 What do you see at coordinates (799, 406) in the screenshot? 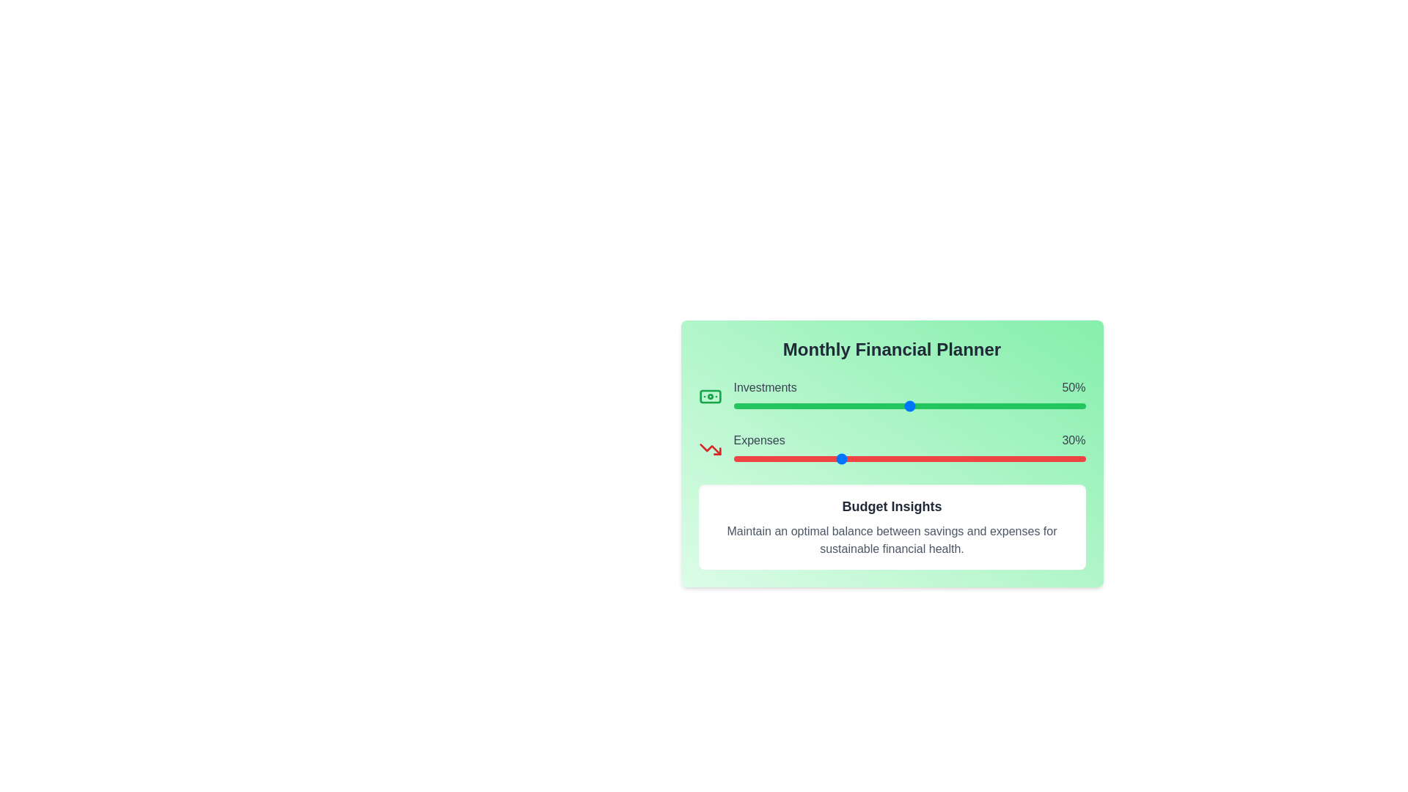
I see `the 'Investments' slider to set its value to 19%` at bounding box center [799, 406].